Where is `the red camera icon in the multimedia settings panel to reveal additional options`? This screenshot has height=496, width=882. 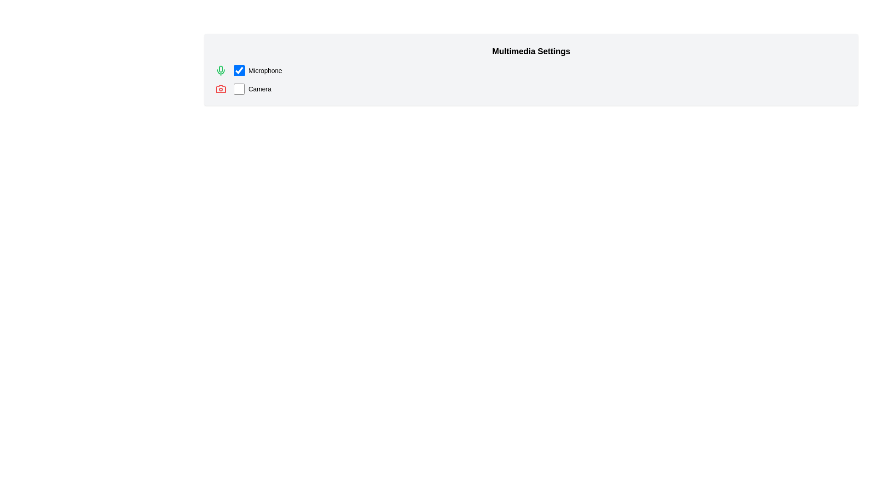
the red camera icon in the multimedia settings panel to reveal additional options is located at coordinates (220, 89).